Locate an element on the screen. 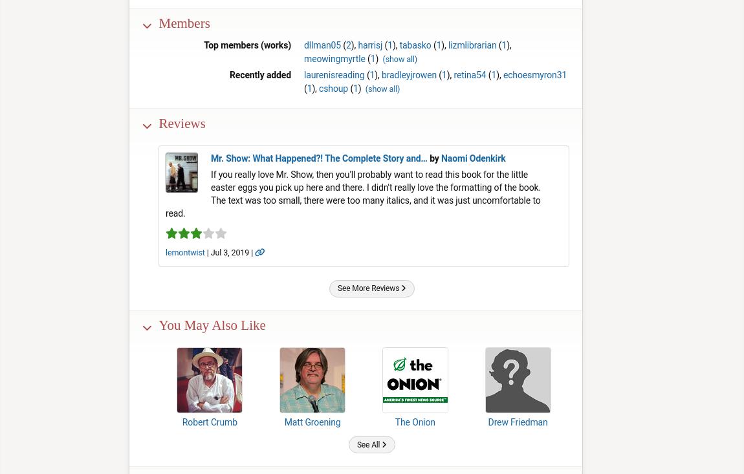  'Members' is located at coordinates (183, 22).